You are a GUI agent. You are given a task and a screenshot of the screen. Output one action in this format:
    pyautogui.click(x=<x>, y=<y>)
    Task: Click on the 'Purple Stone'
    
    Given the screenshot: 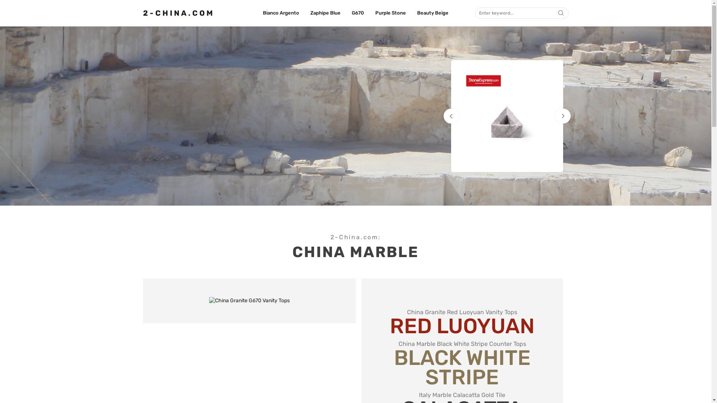 What is the action you would take?
    pyautogui.click(x=375, y=13)
    